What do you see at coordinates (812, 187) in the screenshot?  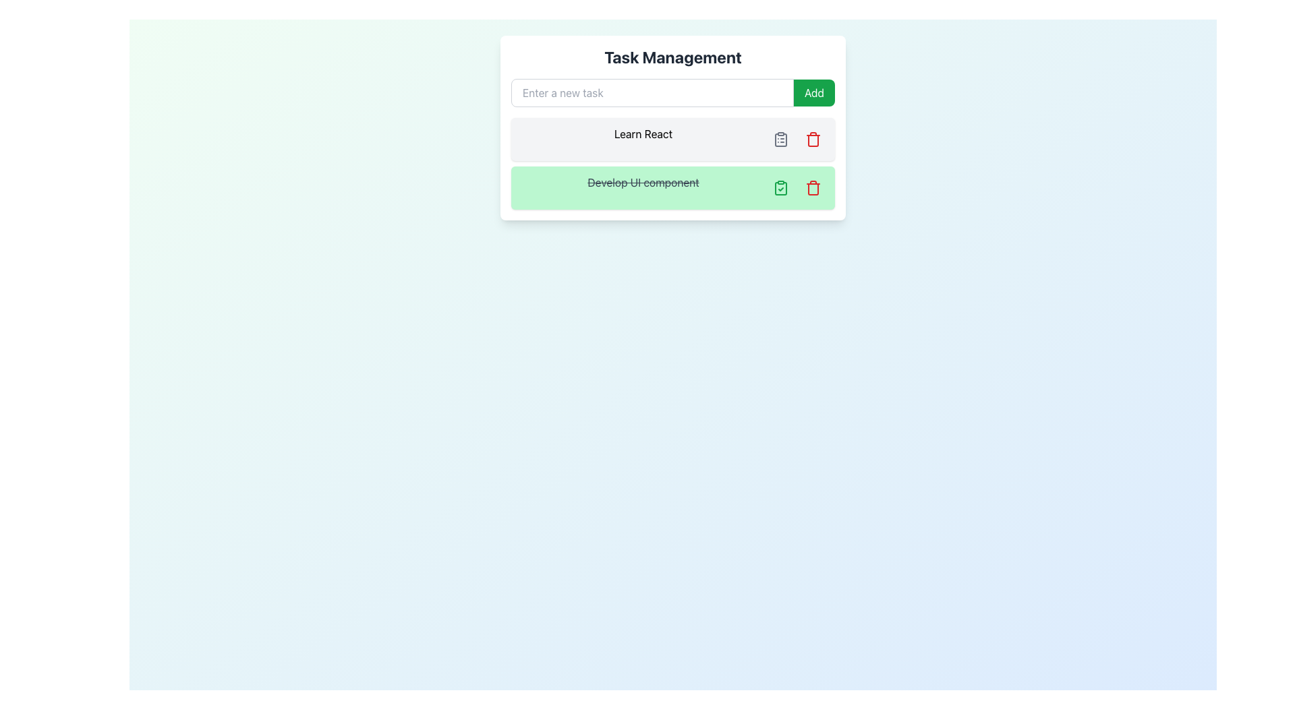 I see `the delete button located in the lower right corner of the task item labeled 'Develop UI component', which is the third icon in the row of interaction controls` at bounding box center [812, 187].